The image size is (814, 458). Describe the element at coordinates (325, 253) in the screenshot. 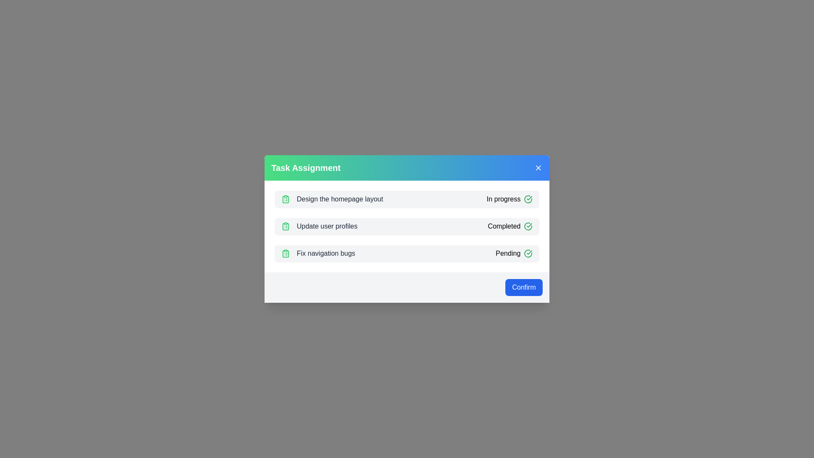

I see `the static text label that displays the name or title of a task, positioned as the third item in the vertical task list, below 'Update user profiles' and above the 'Confirm' button` at that location.